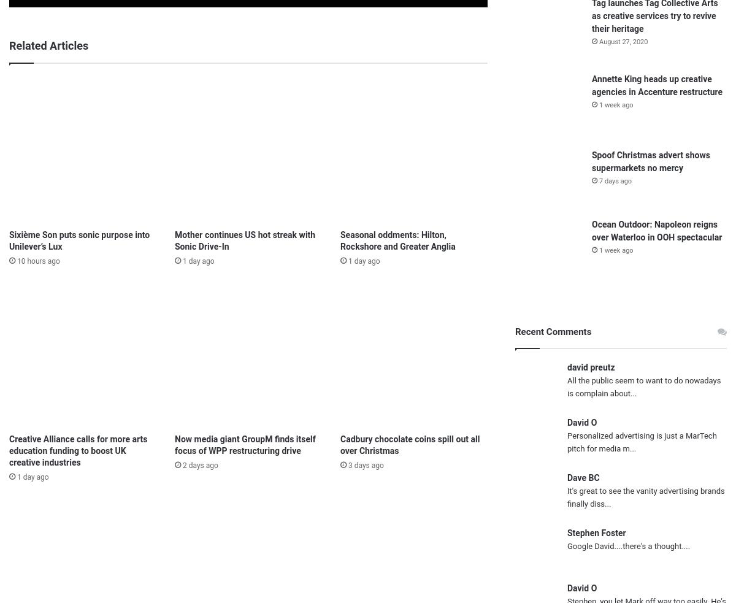 Image resolution: width=736 pixels, height=603 pixels. Describe the element at coordinates (650, 161) in the screenshot. I see `'Spoof Christmas advert shows supermarkets no mercy'` at that location.